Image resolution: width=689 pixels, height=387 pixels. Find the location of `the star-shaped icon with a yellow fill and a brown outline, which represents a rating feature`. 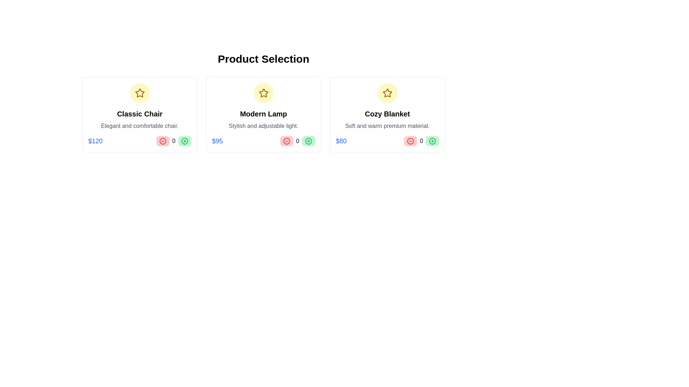

the star-shaped icon with a yellow fill and a brown outline, which represents a rating feature is located at coordinates (387, 92).